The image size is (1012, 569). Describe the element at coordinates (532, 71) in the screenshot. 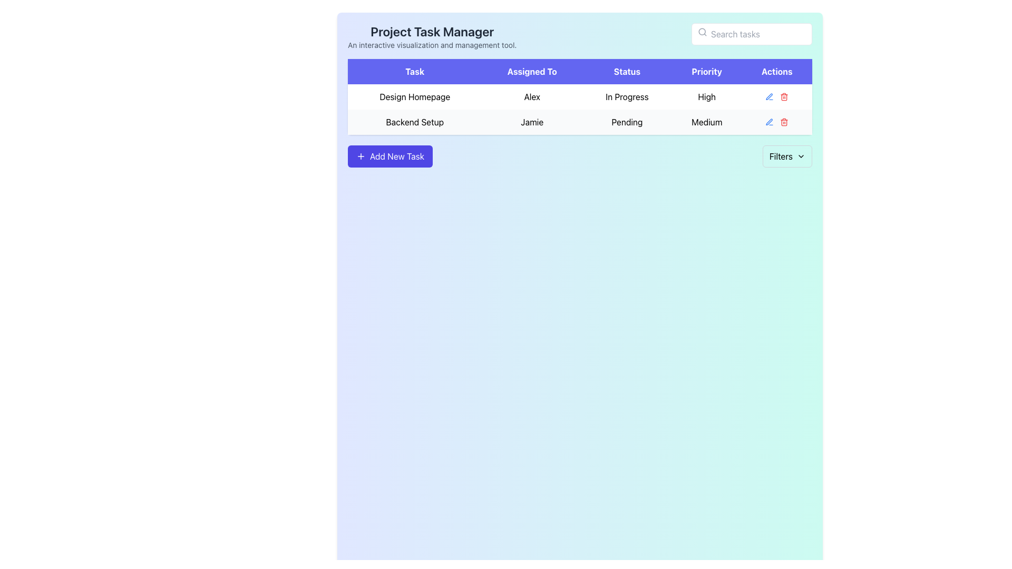

I see `the 'Assigned To' text label, which is part of the header row in the table, displayed in white text on a purple background` at that location.